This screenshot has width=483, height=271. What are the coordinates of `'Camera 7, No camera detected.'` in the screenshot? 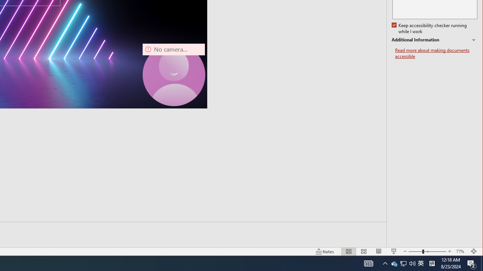 It's located at (173, 75).